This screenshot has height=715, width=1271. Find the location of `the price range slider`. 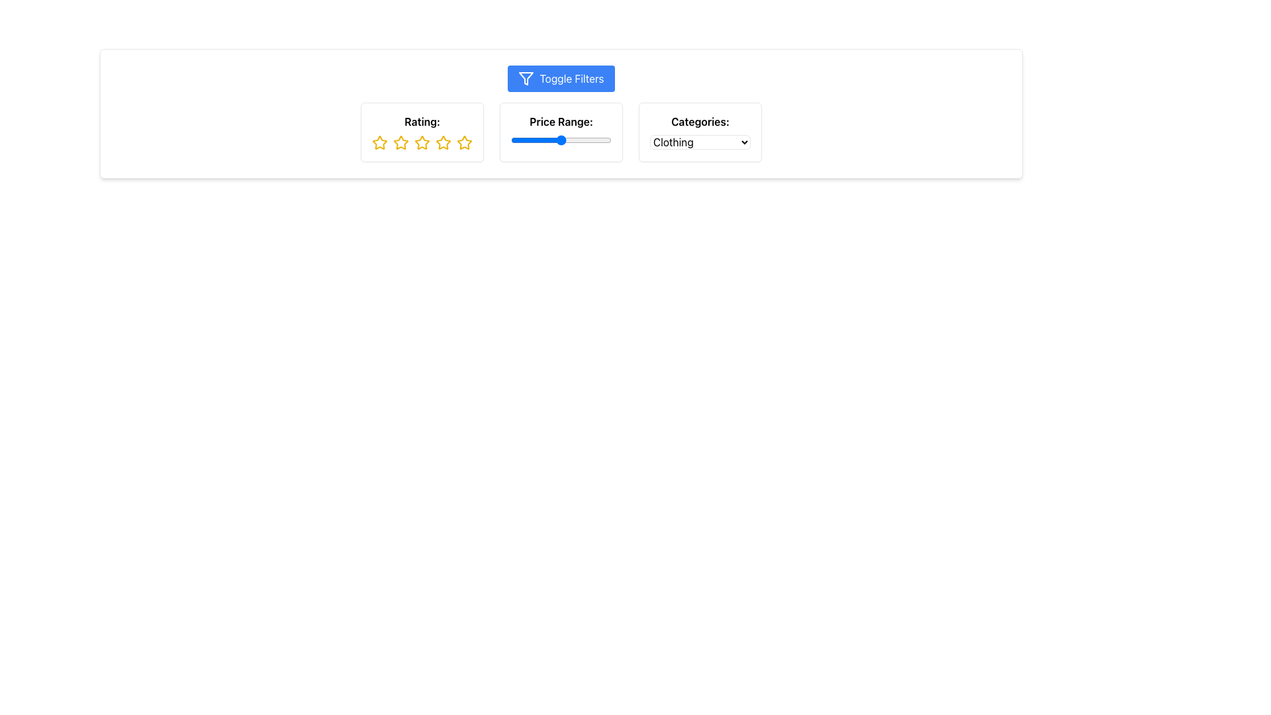

the price range slider is located at coordinates (601, 140).